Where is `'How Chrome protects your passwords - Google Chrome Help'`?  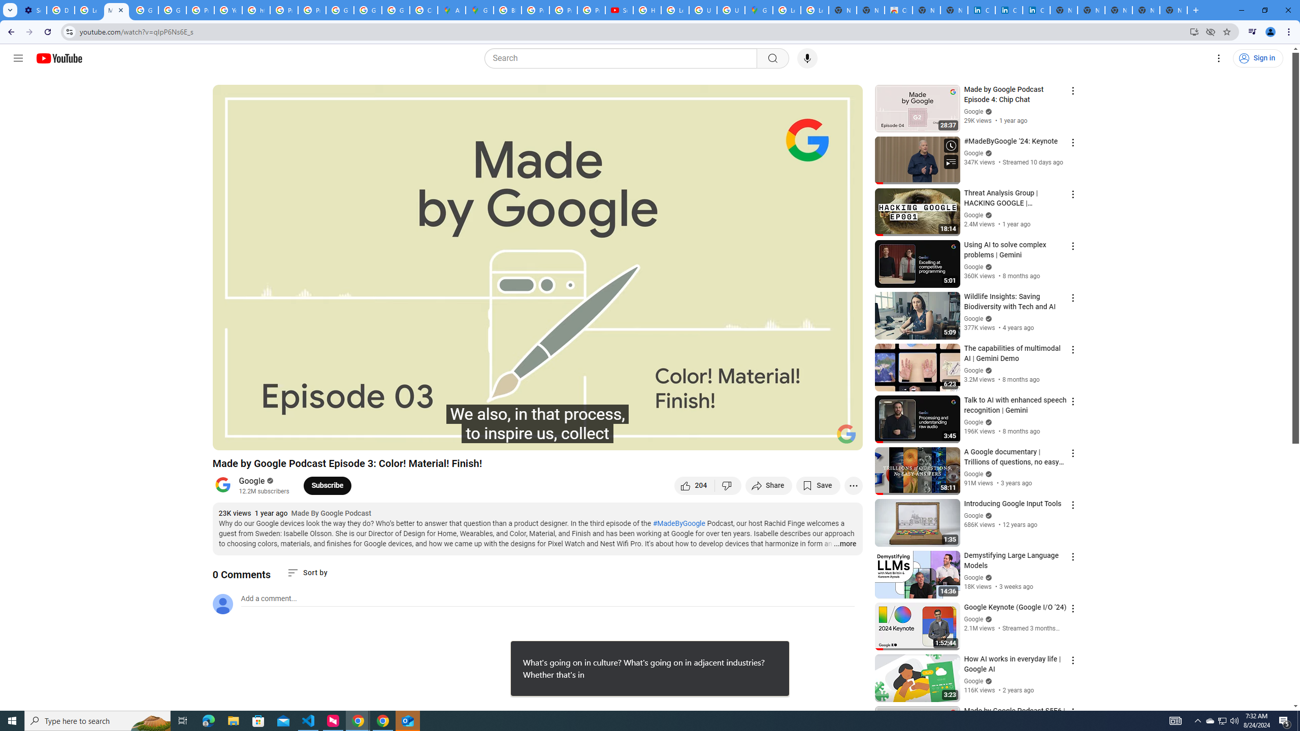
'How Chrome protects your passwords - Google Chrome Help' is located at coordinates (646, 10).